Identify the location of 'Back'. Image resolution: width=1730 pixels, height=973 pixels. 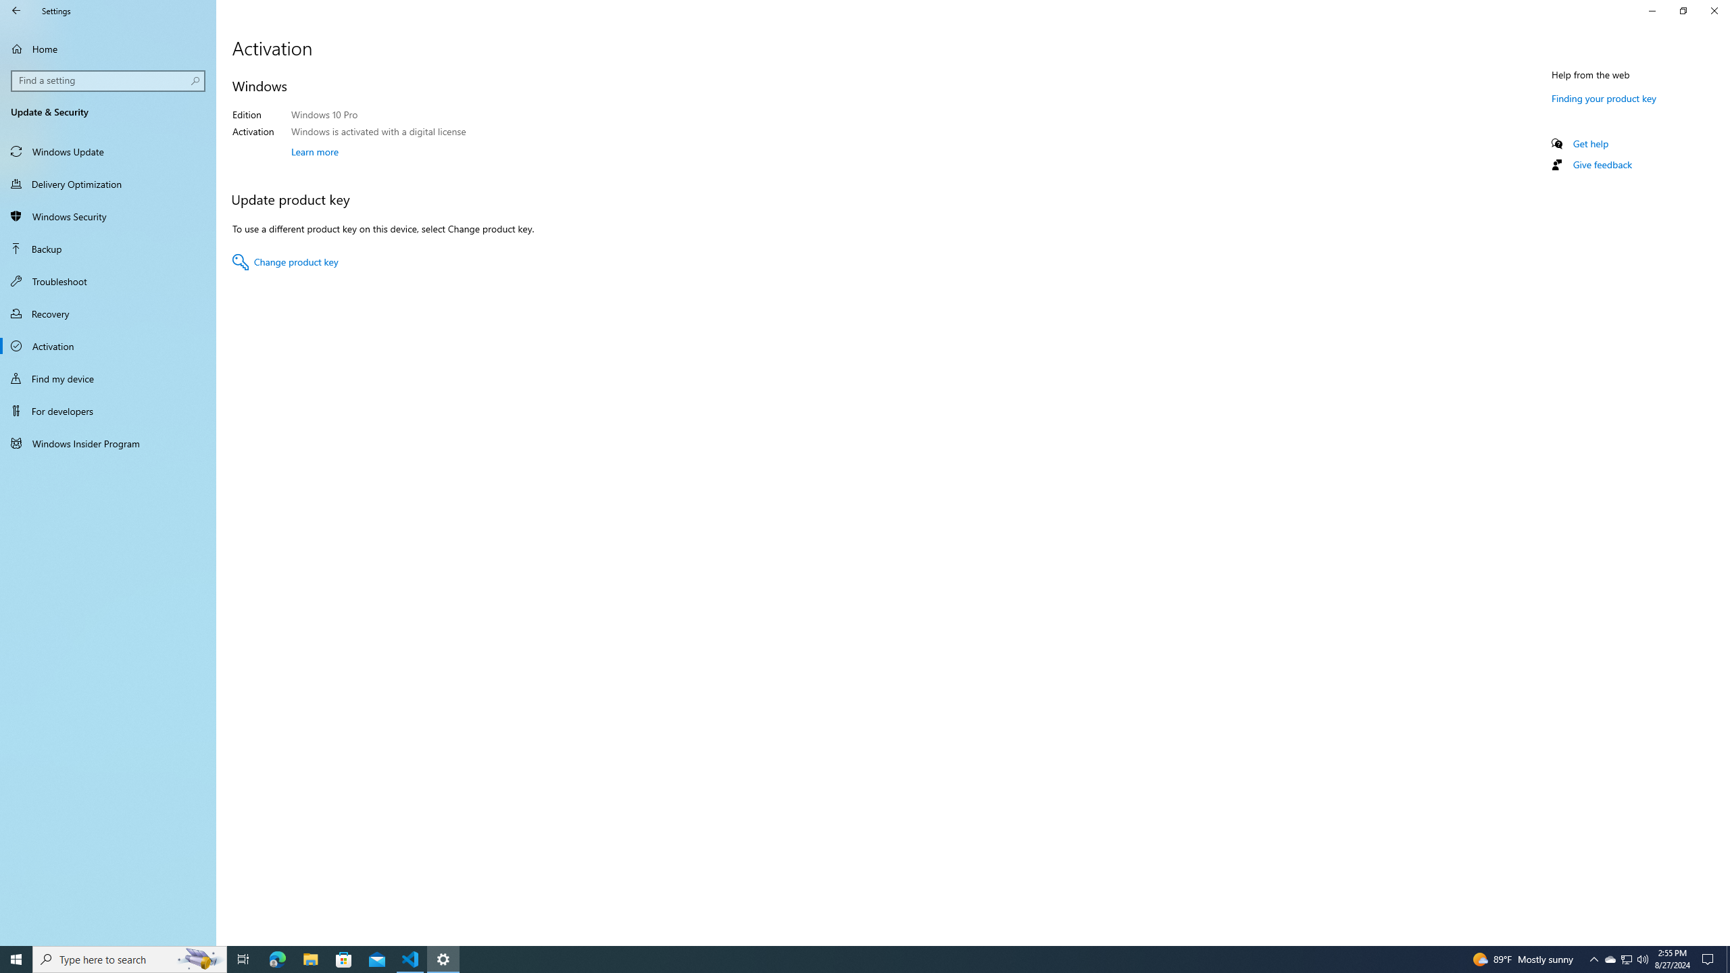
(16, 10).